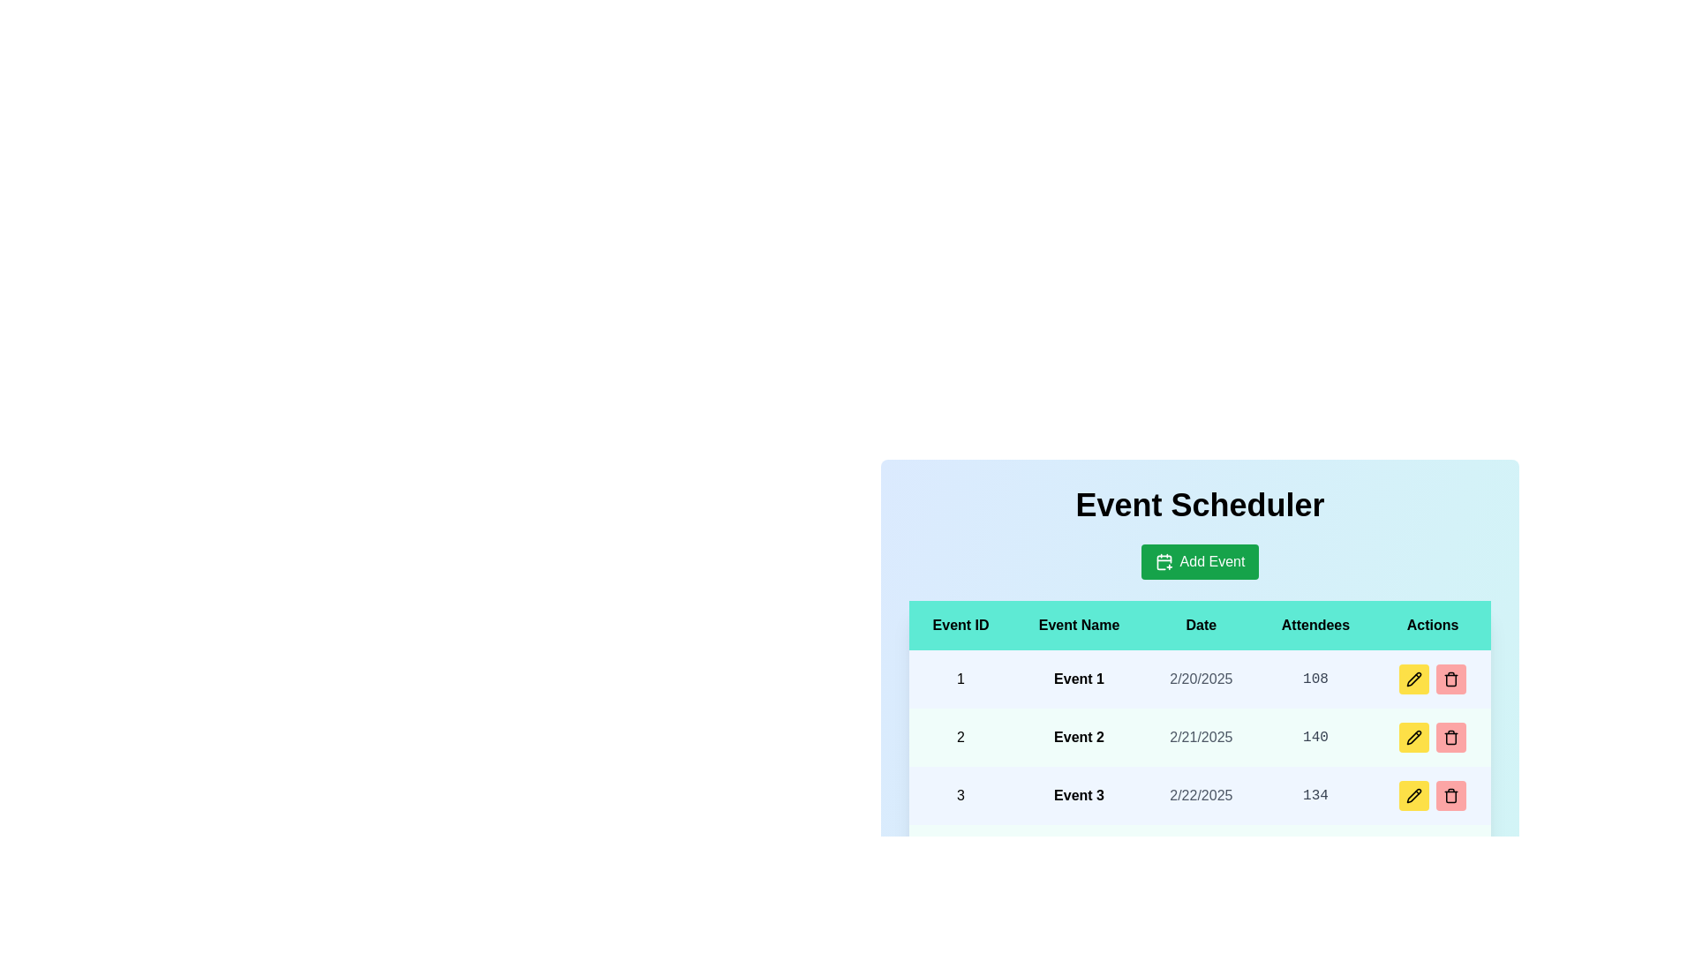 This screenshot has width=1695, height=953. I want to click on the pencil icon in the Actions column for the specified event, so click(1414, 679).